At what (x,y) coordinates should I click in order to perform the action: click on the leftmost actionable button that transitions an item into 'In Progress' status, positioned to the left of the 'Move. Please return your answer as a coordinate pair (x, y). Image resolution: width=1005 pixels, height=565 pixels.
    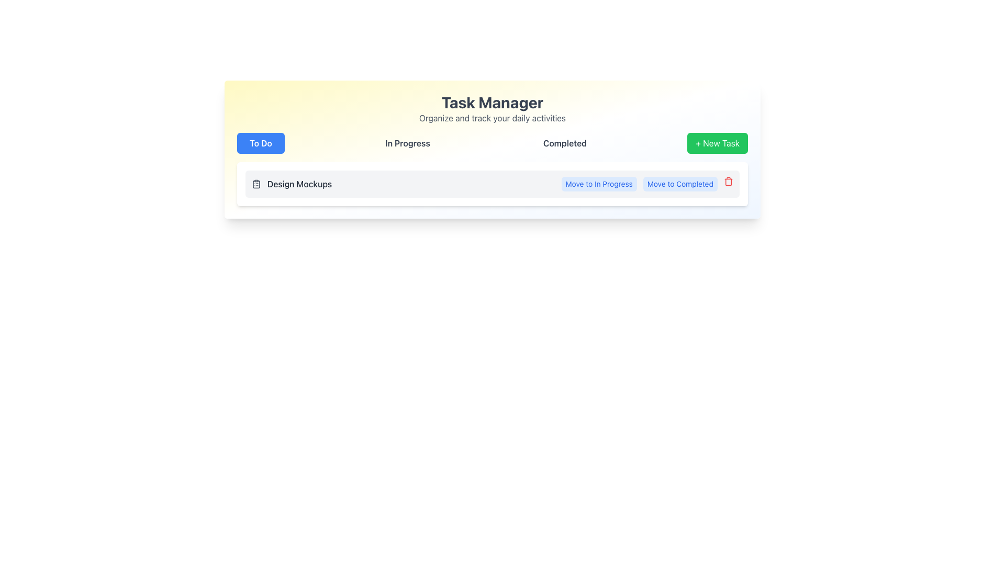
    Looking at the image, I should click on (599, 183).